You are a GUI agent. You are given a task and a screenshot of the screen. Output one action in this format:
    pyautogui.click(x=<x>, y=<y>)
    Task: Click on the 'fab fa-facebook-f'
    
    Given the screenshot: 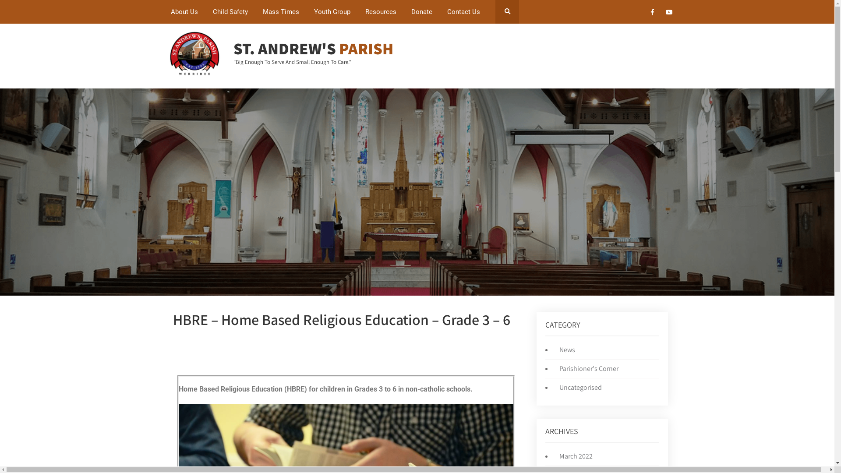 What is the action you would take?
    pyautogui.click(x=652, y=13)
    